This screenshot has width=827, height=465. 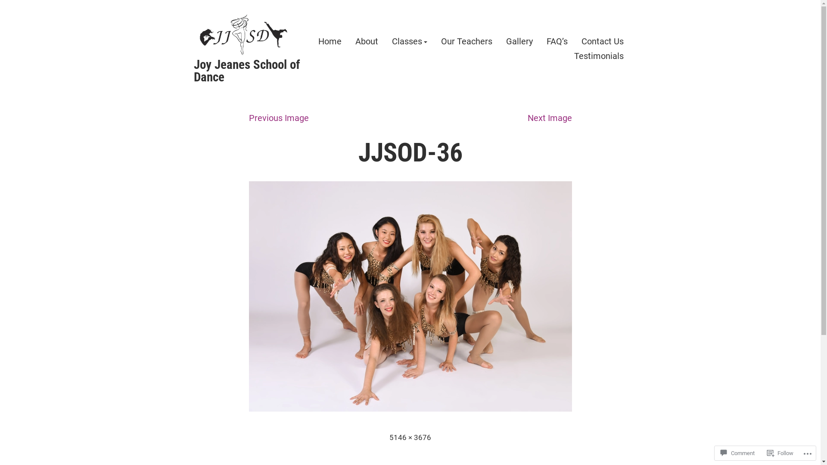 I want to click on 'Our Teachers', so click(x=466, y=41).